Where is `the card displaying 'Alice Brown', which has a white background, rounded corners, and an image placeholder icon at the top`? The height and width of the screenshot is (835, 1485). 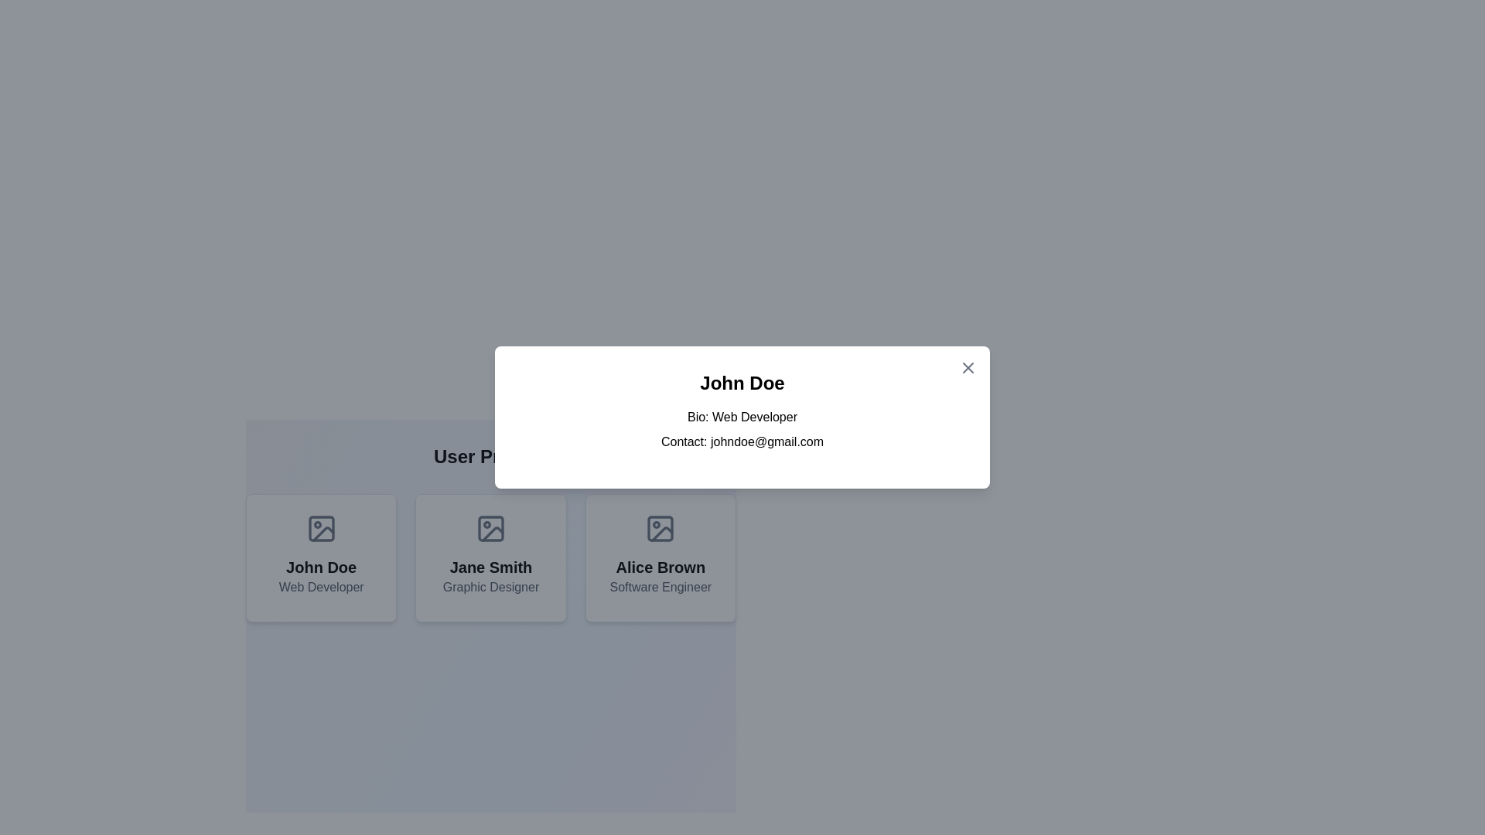
the card displaying 'Alice Brown', which has a white background, rounded corners, and an image placeholder icon at the top is located at coordinates (661, 557).